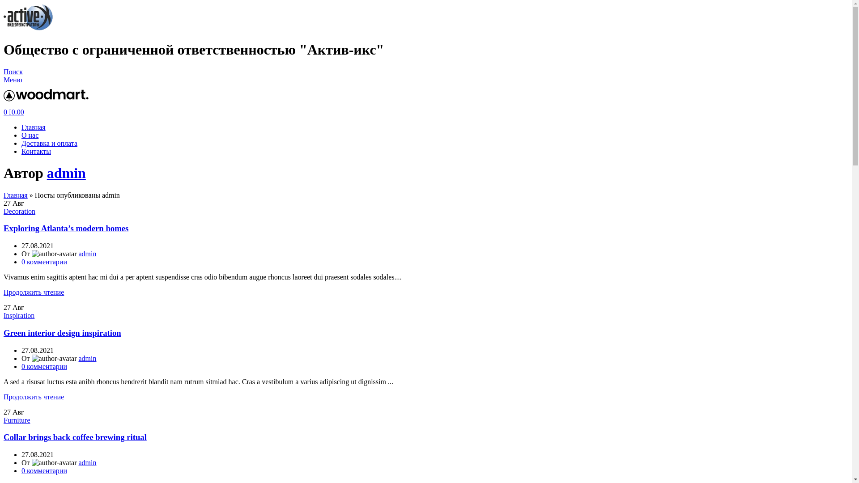  I want to click on 'Inspiration', so click(19, 315).